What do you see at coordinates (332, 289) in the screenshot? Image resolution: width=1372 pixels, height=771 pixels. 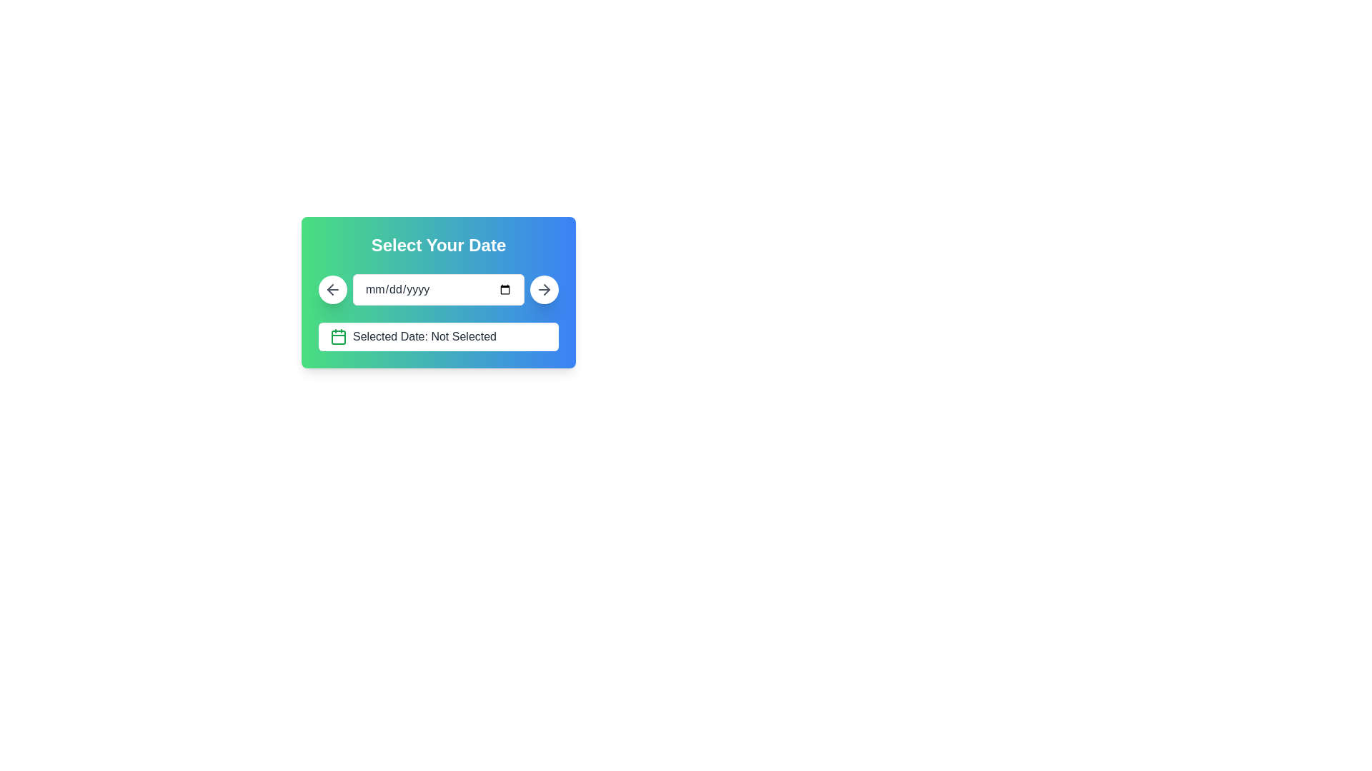 I see `the leftward-pointing dark gray arrow icon within the white circular button located to the left of the date input field` at bounding box center [332, 289].